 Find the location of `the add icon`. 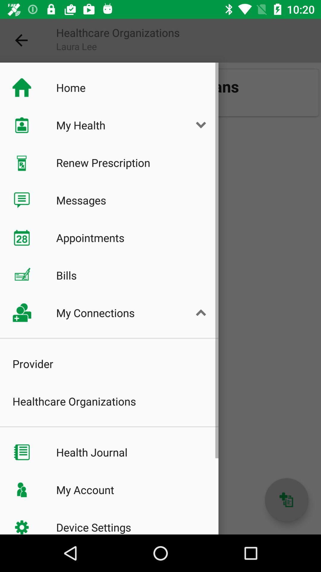

the add icon is located at coordinates (286, 500).